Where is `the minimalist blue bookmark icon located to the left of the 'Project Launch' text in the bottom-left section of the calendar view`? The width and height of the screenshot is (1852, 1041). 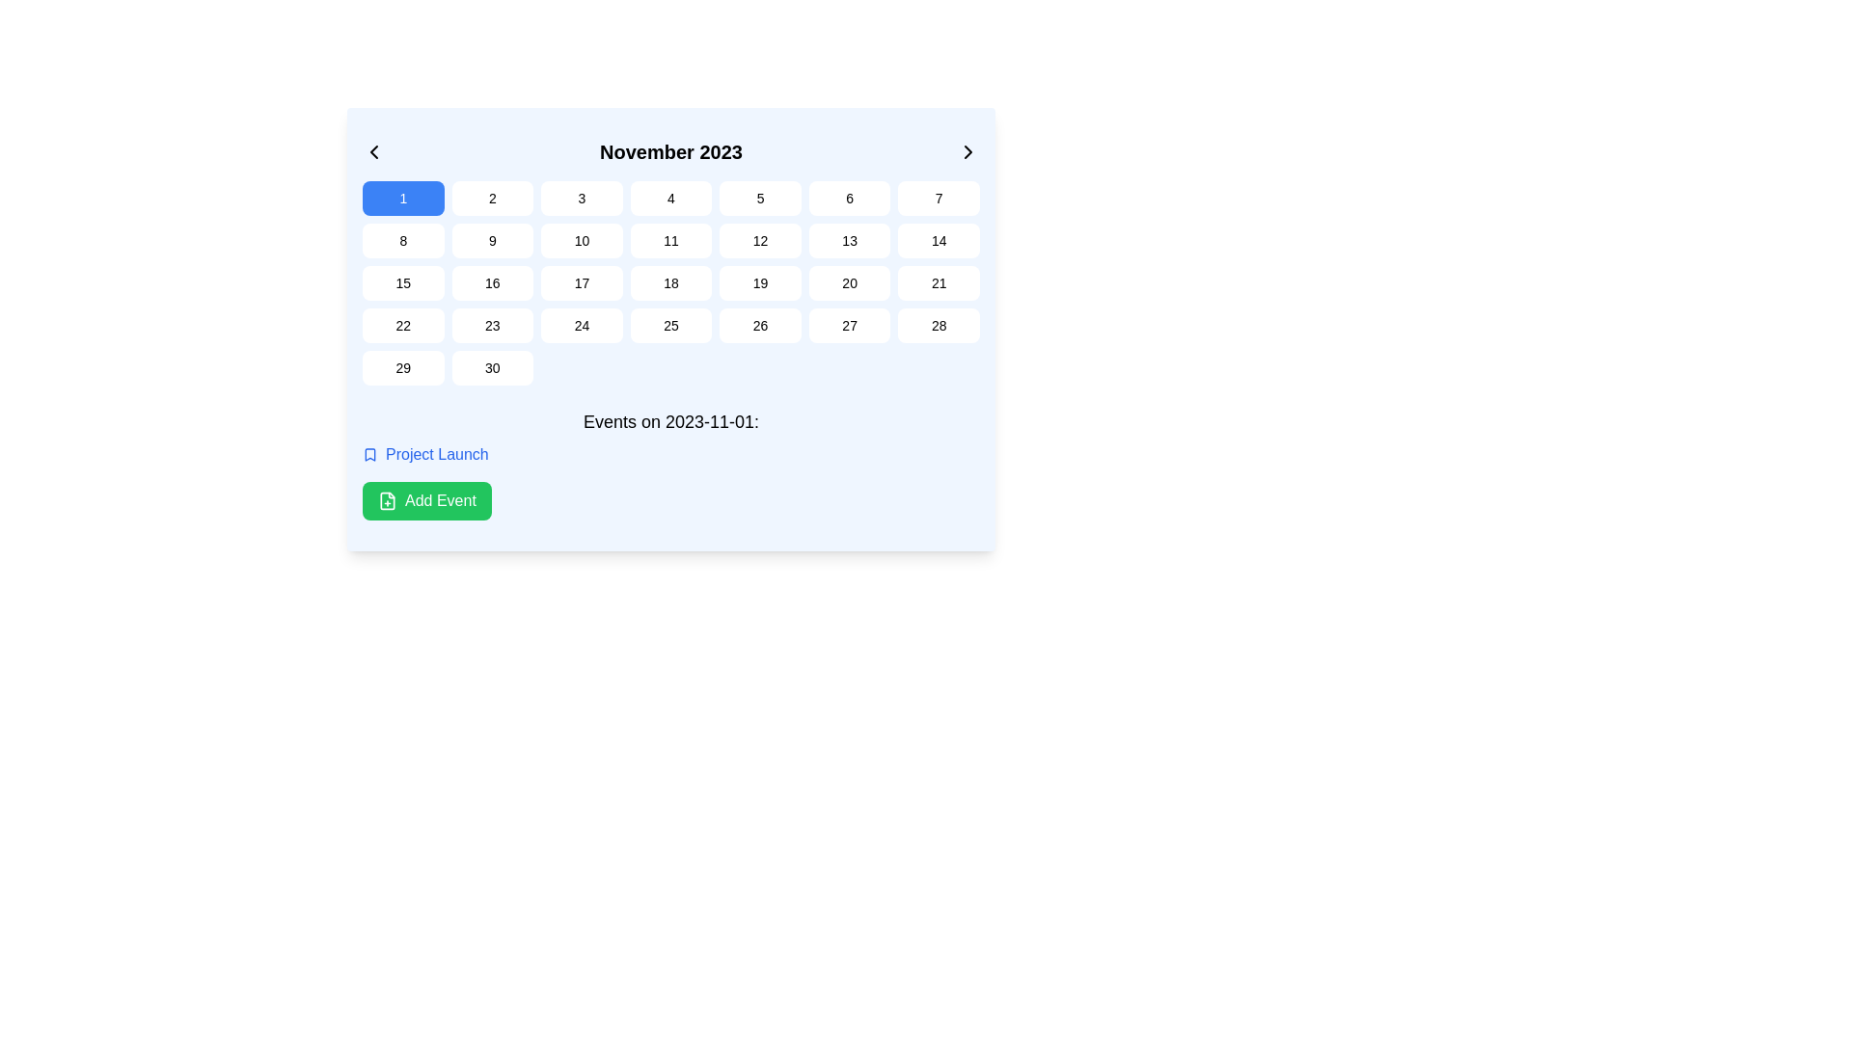
the minimalist blue bookmark icon located to the left of the 'Project Launch' text in the bottom-left section of the calendar view is located at coordinates (370, 454).